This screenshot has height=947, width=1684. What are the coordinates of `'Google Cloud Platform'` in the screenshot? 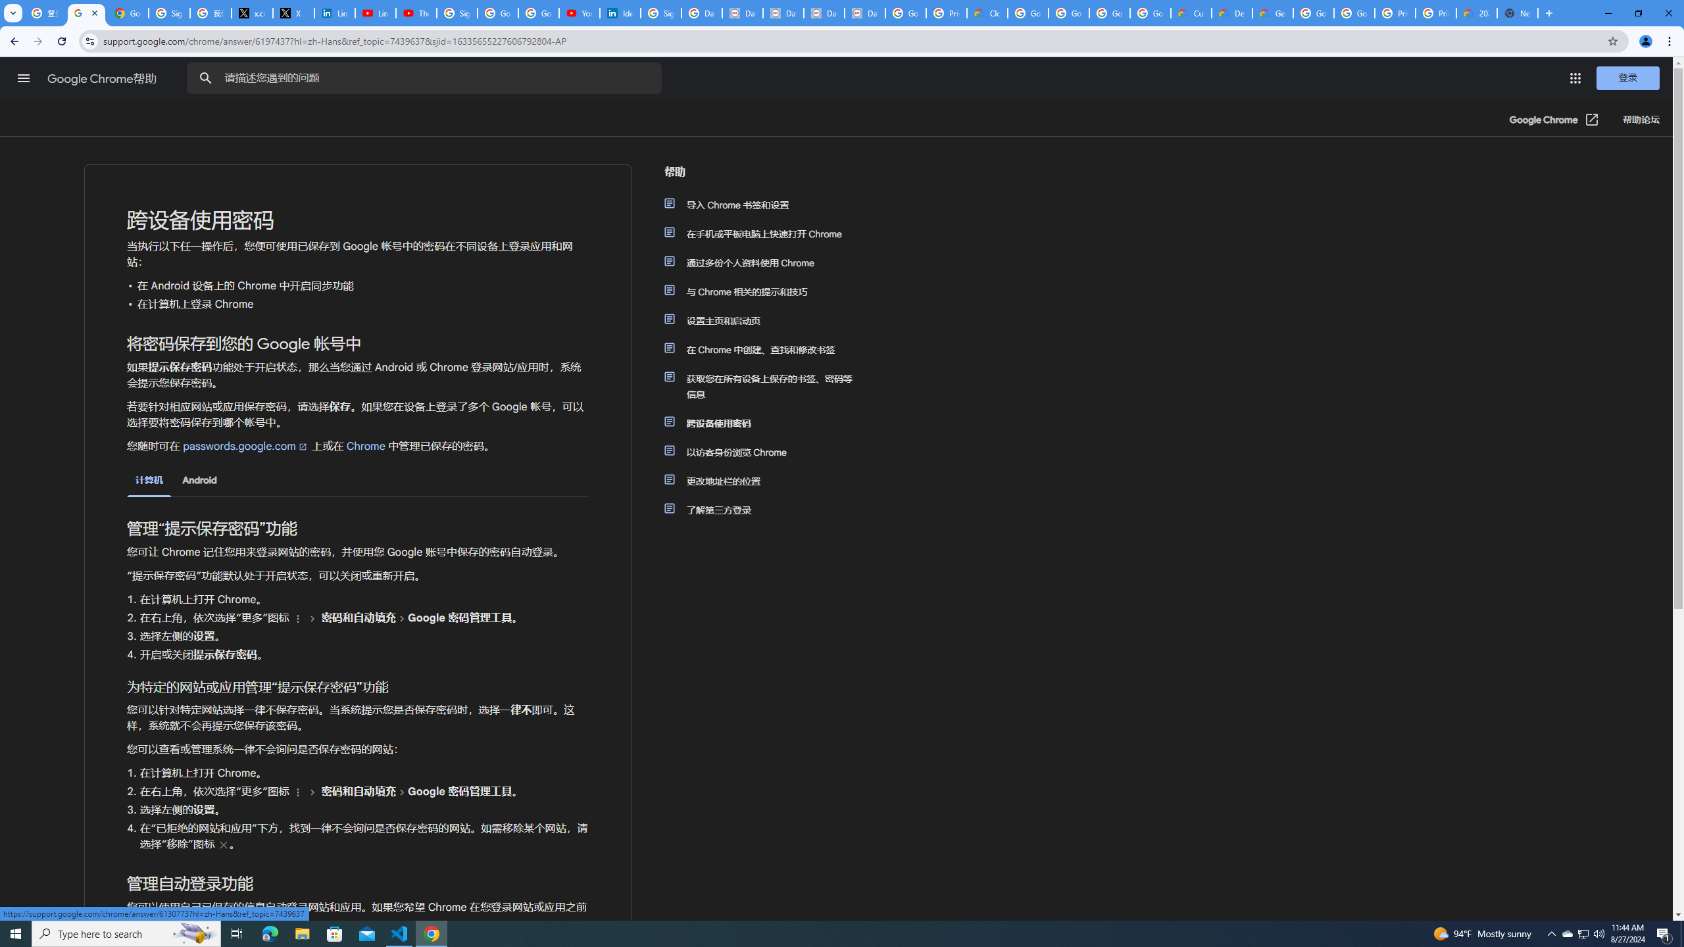 It's located at (1313, 12).